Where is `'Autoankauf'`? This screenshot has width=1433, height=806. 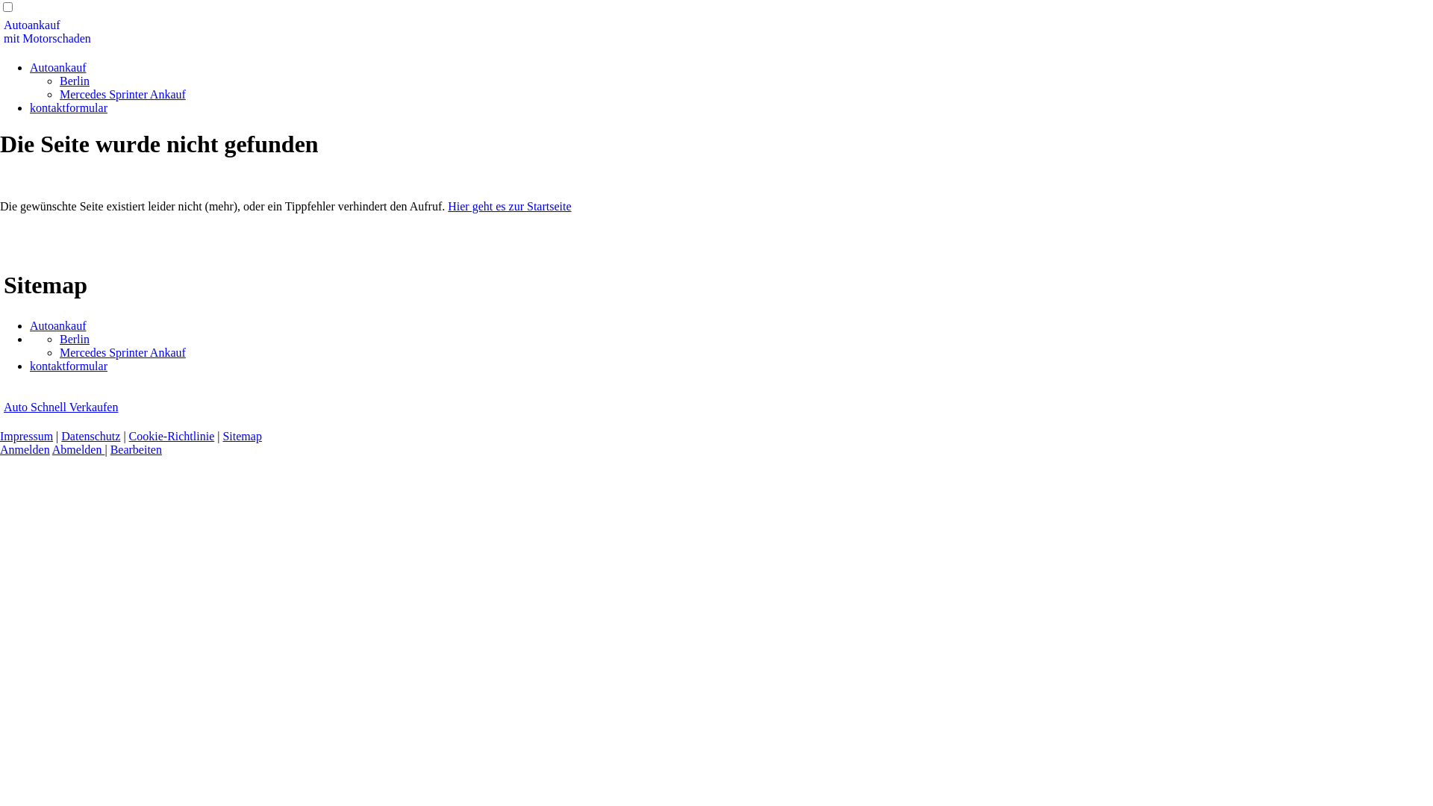 'Autoankauf' is located at coordinates (29, 325).